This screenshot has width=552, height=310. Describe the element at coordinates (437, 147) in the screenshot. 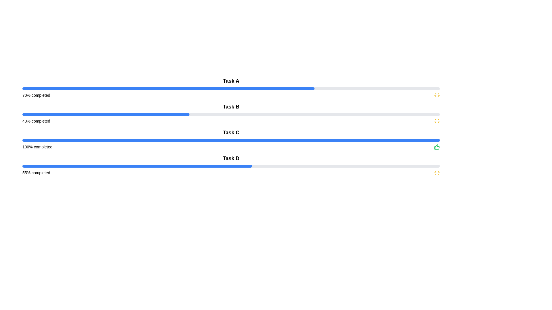

I see `the completion indicator icon located to the right of the '100% completed' text, positioned at the end of the 'Task C' progress bar` at that location.